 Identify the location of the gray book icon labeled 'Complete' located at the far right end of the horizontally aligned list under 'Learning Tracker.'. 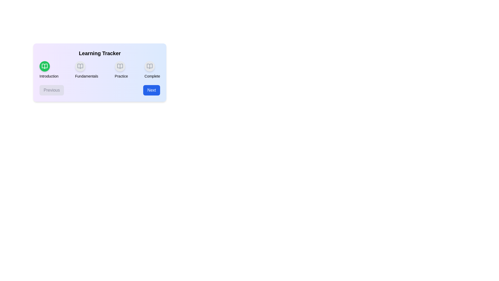
(149, 66).